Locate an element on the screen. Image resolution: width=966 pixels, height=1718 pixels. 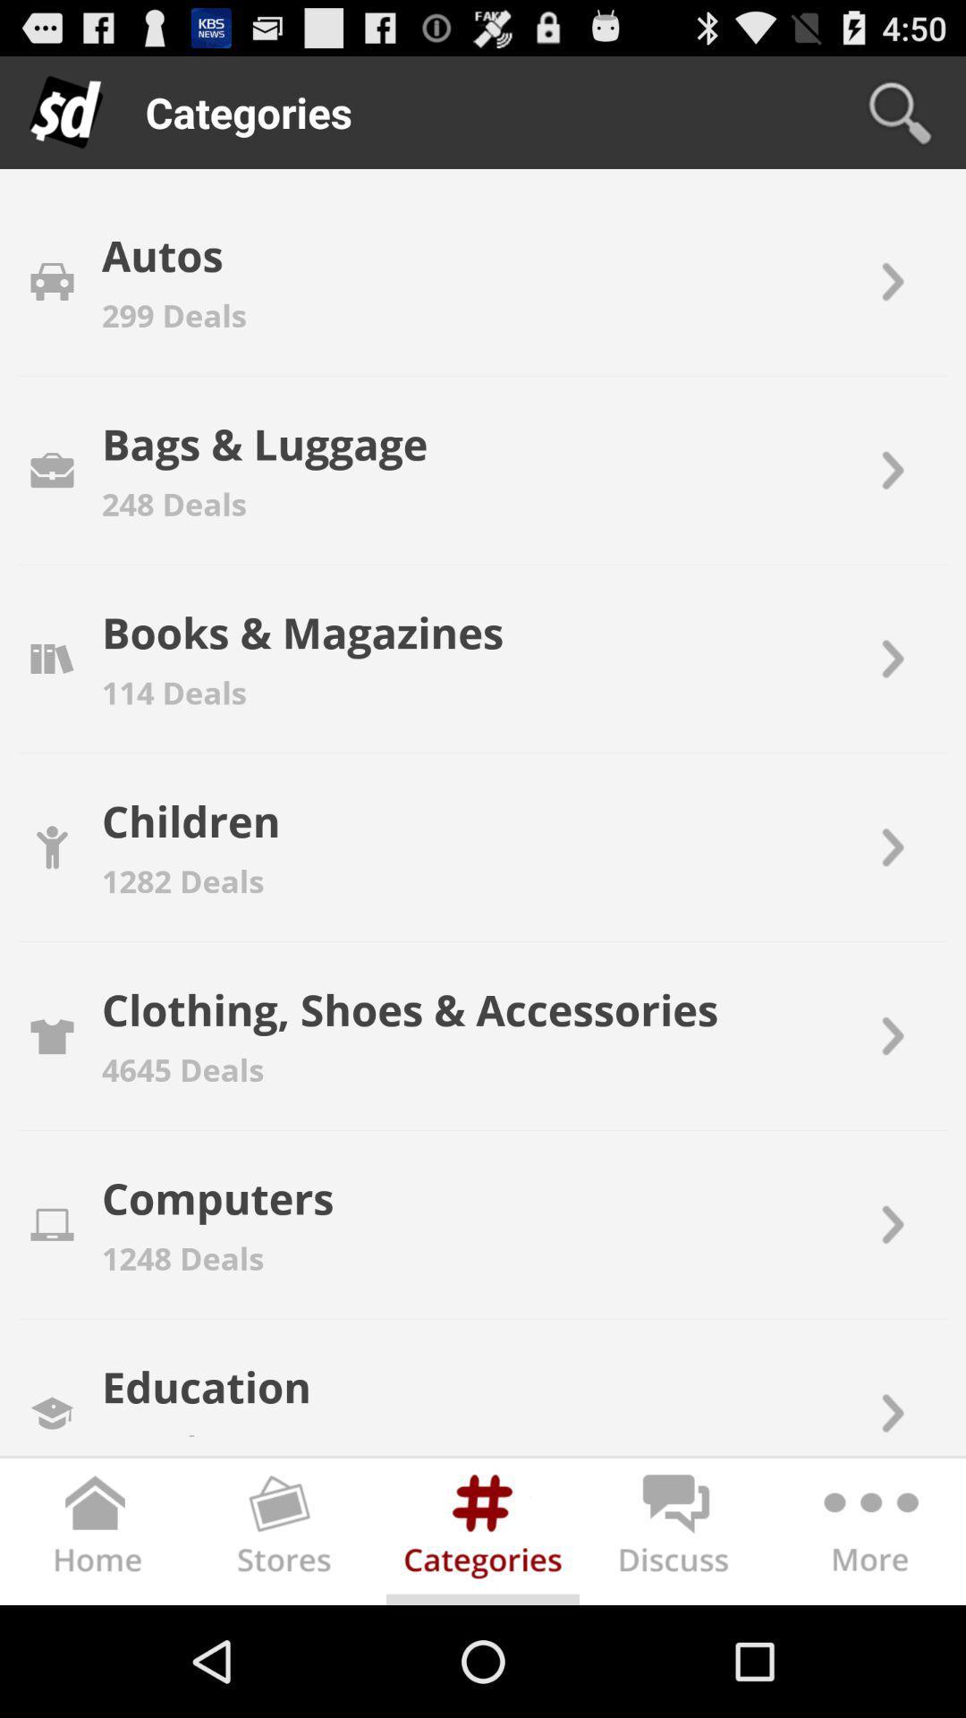
the 299 deals is located at coordinates (174, 315).